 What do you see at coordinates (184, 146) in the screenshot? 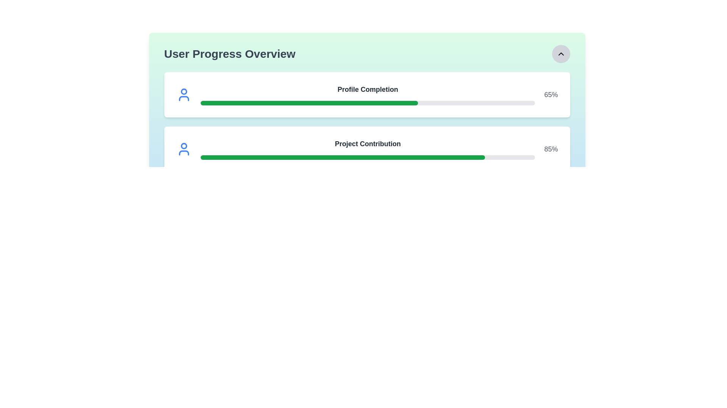
I see `the user profile icon, specifically the head portion located at the top center of the icon in the second progress bar section` at bounding box center [184, 146].